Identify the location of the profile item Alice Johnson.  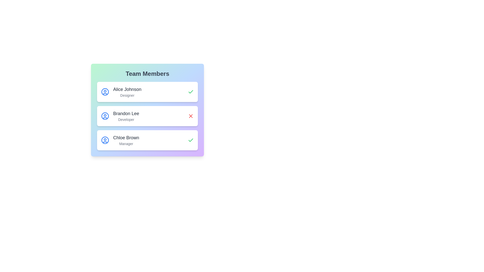
(147, 92).